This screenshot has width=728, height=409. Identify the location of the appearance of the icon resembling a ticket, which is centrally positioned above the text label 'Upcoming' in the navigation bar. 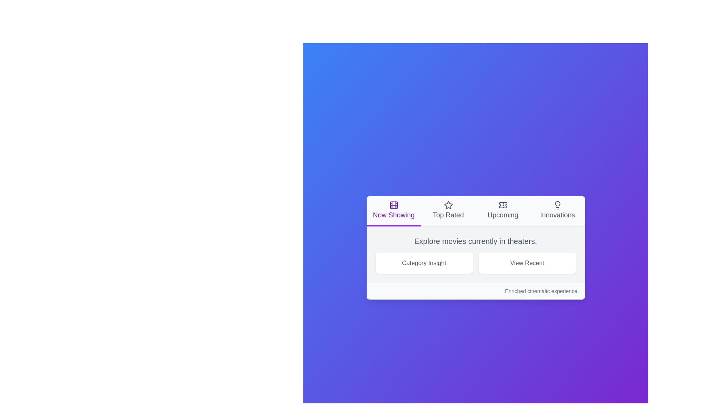
(503, 205).